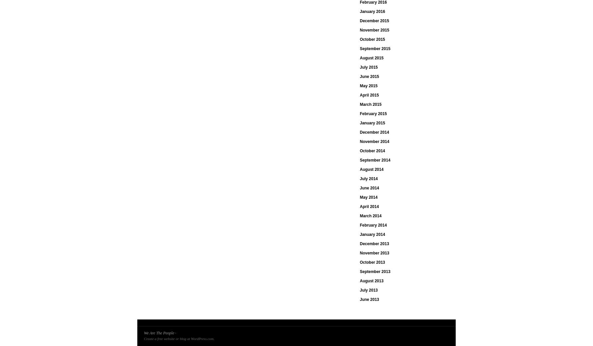 The image size is (593, 346). What do you see at coordinates (374, 142) in the screenshot?
I see `'November 2014'` at bounding box center [374, 142].